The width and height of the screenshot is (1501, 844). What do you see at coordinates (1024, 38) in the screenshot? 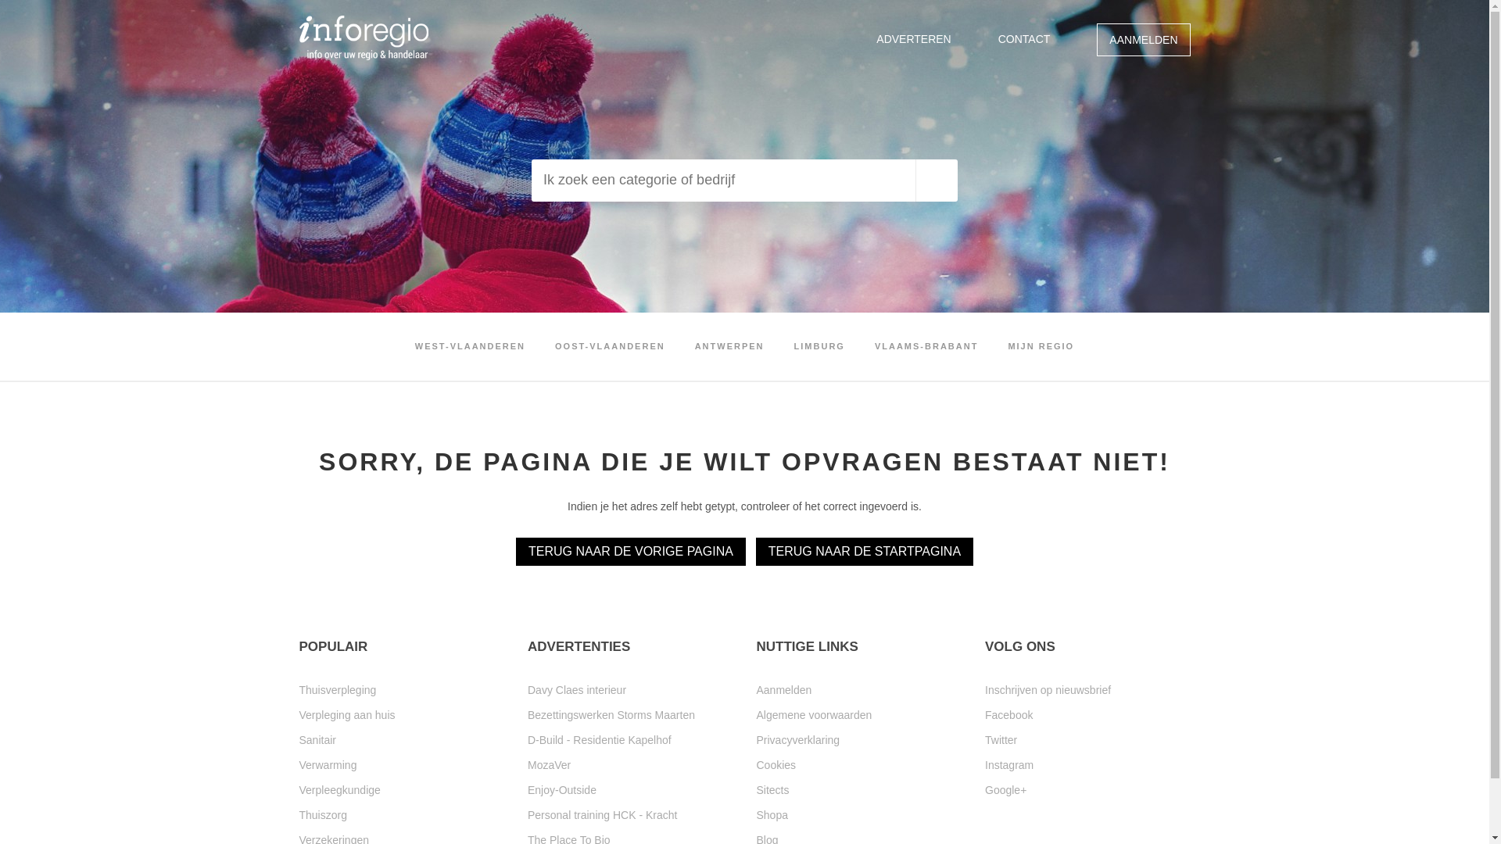
I see `'CONTACT'` at bounding box center [1024, 38].